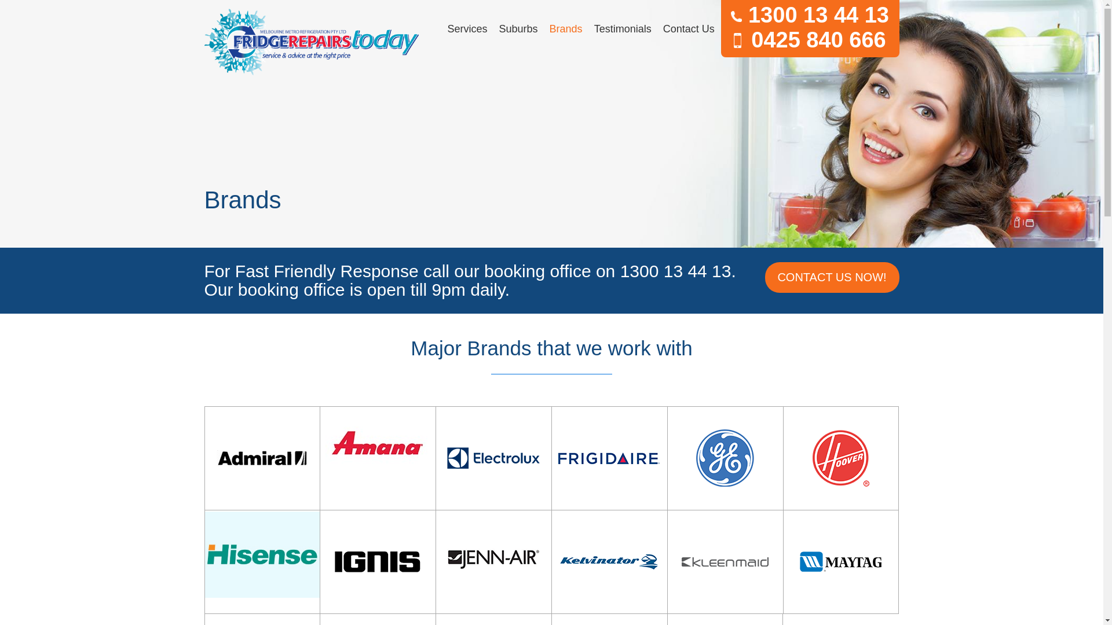 The height and width of the screenshot is (625, 1112). I want to click on '1300 13 44 13', so click(809, 15).